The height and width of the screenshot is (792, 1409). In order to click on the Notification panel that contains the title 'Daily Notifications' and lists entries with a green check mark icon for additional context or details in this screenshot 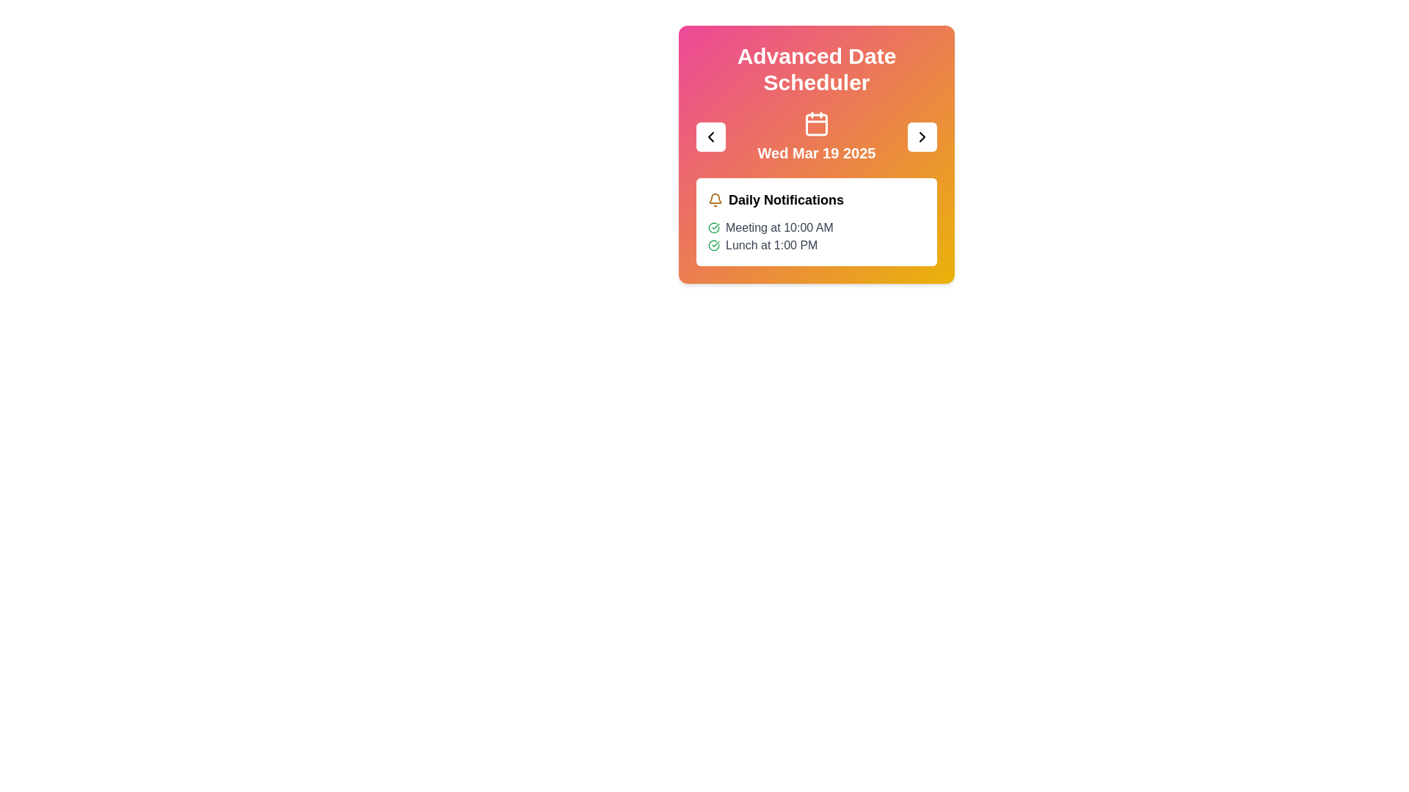, I will do `click(816, 222)`.